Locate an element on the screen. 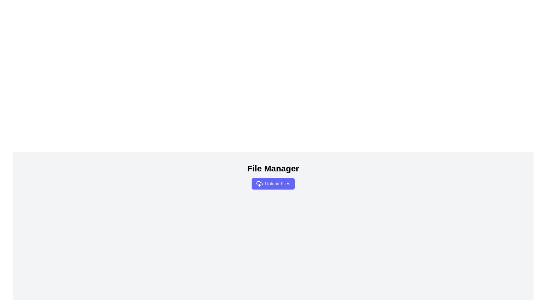 The image size is (544, 306). the upload icon located to the left of the 'Upload Files' button, which symbolizes the upload action is located at coordinates (259, 184).